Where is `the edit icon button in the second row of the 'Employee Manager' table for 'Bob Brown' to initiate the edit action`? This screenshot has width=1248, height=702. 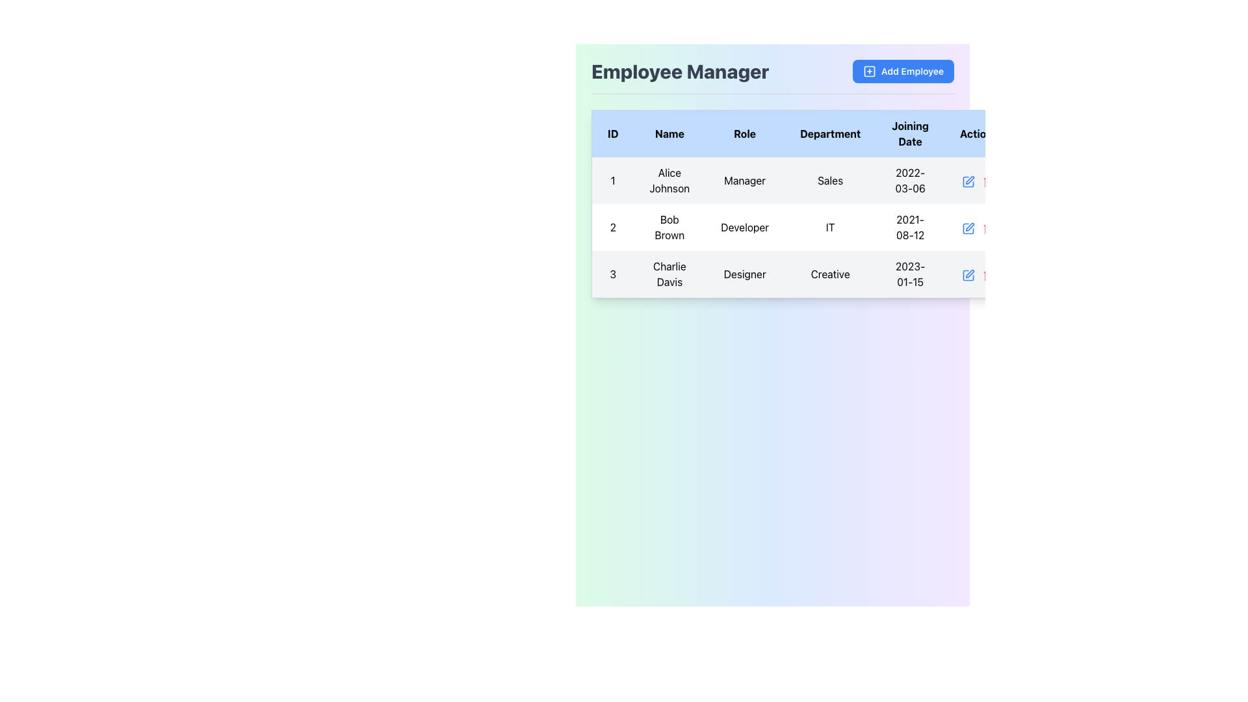
the edit icon button in the second row of the 'Employee Manager' table for 'Bob Brown' to initiate the edit action is located at coordinates (968, 227).